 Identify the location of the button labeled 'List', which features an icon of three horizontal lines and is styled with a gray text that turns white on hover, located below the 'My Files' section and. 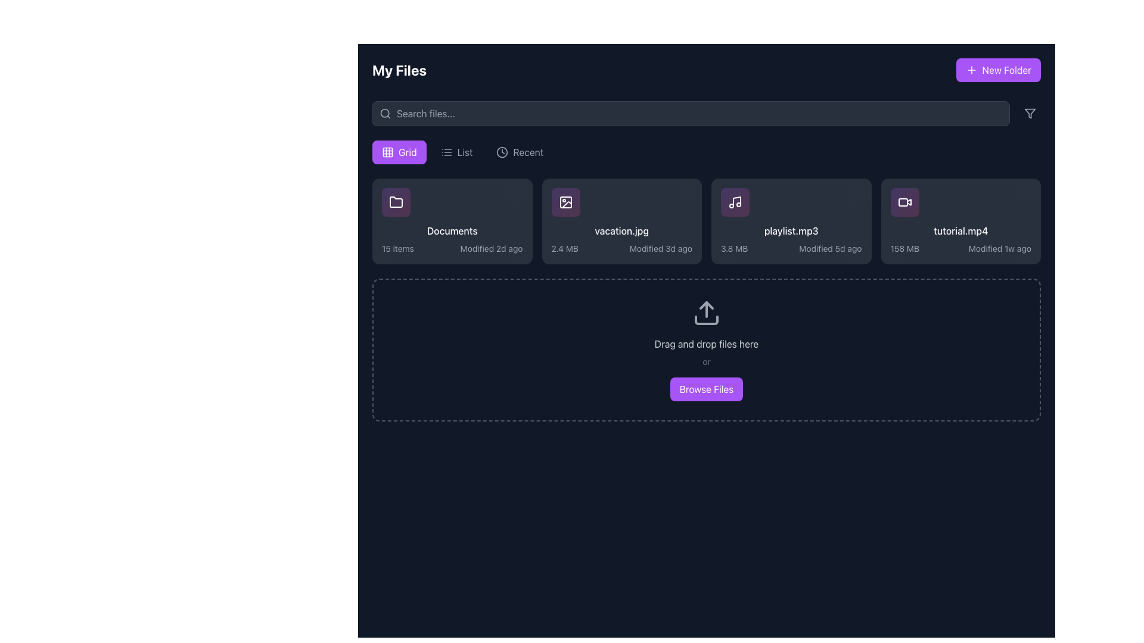
(456, 151).